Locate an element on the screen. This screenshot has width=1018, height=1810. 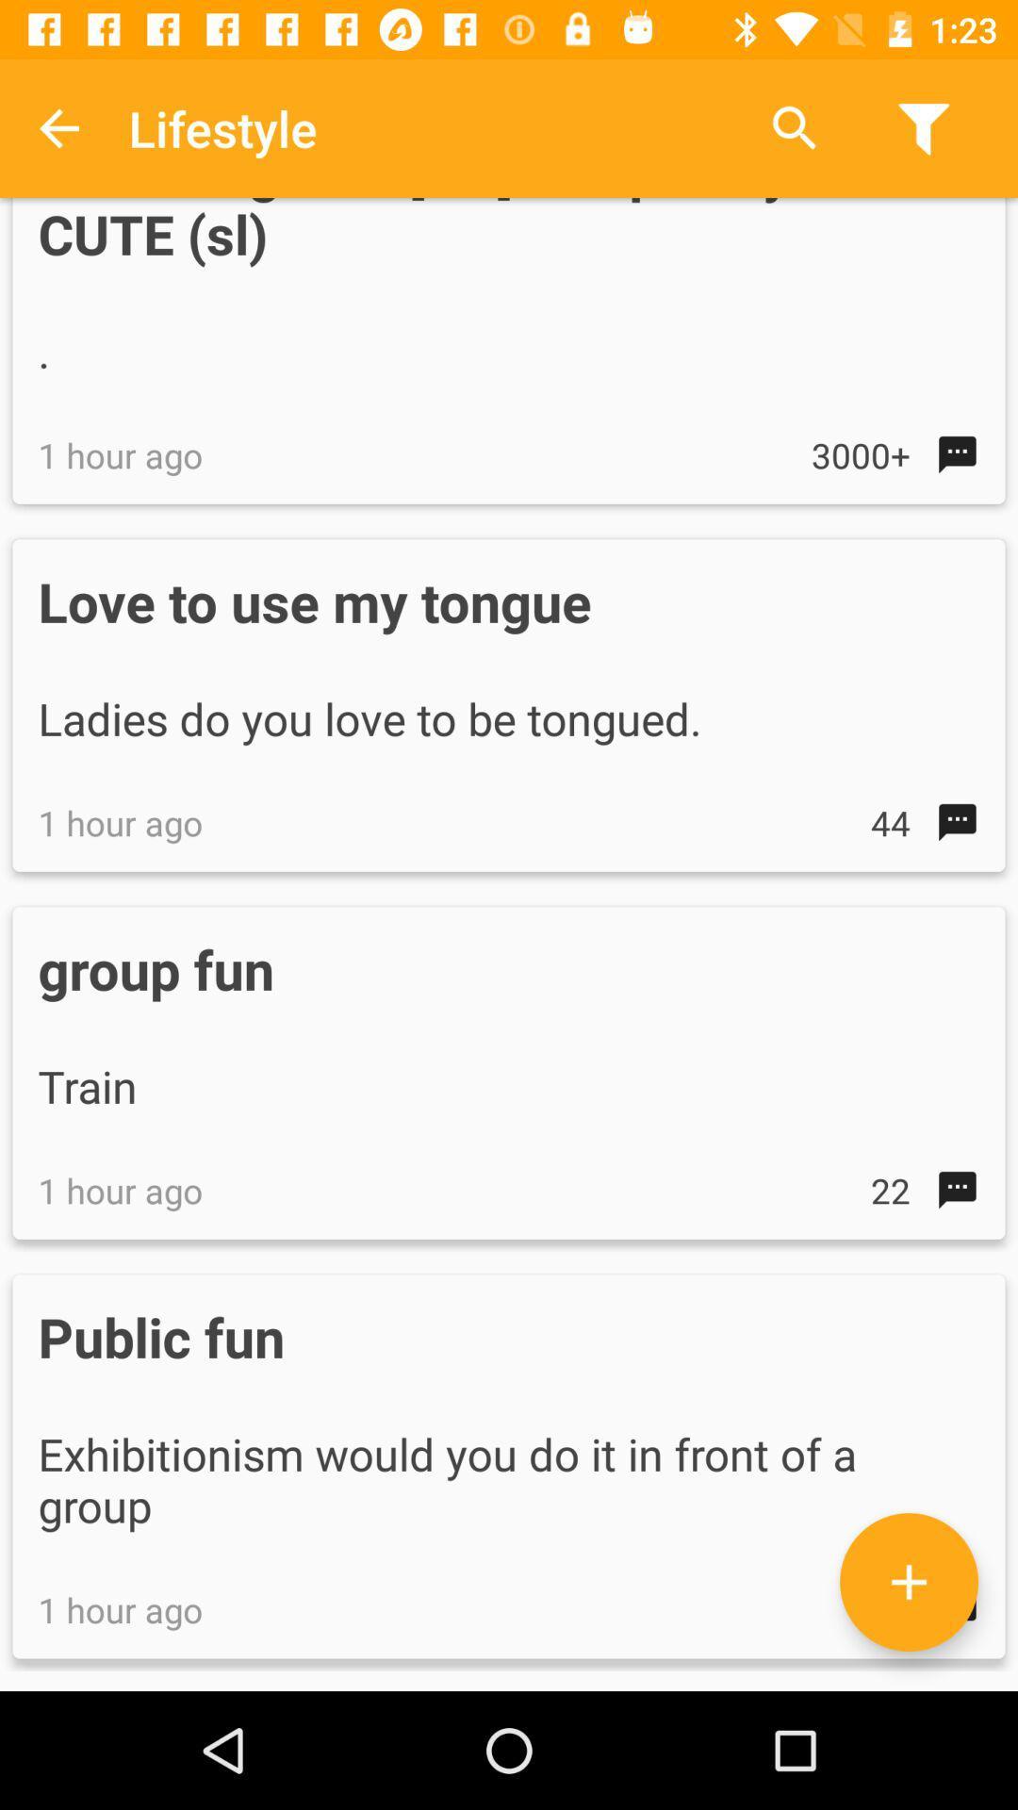
the icon above all aboriginals 0 item is located at coordinates (795, 127).